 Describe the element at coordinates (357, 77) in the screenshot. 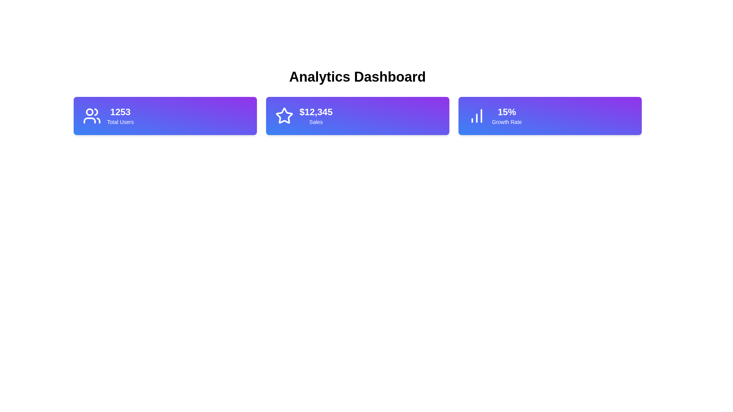

I see `the 'Analytics Dashboard' heading text label, which is a bold and large-sized text centered at the top of its section` at that location.